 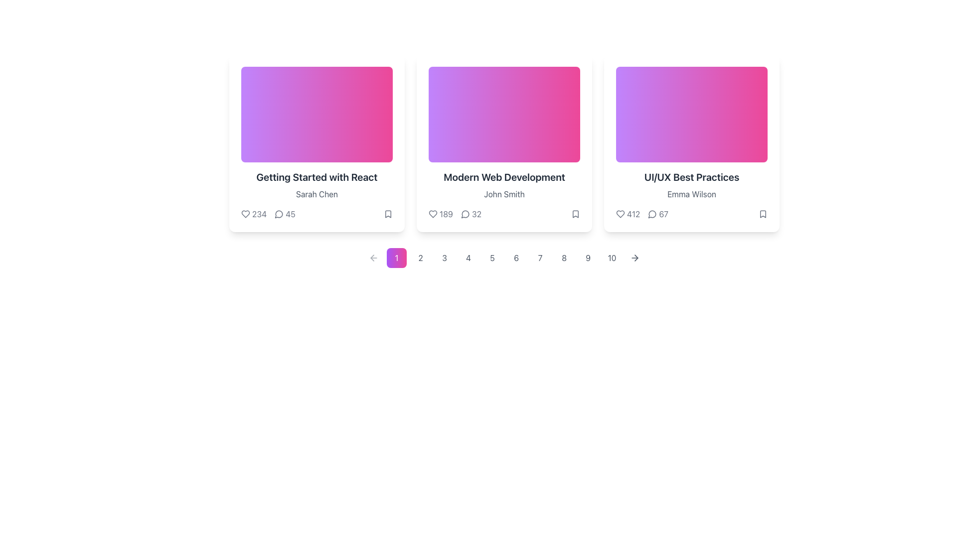 What do you see at coordinates (254, 213) in the screenshot?
I see `the interactive like counter element, which features a heart icon and is located at the bottom left of the 'Getting Started with React' card, positioned to the left of a similar element displaying '45'` at bounding box center [254, 213].